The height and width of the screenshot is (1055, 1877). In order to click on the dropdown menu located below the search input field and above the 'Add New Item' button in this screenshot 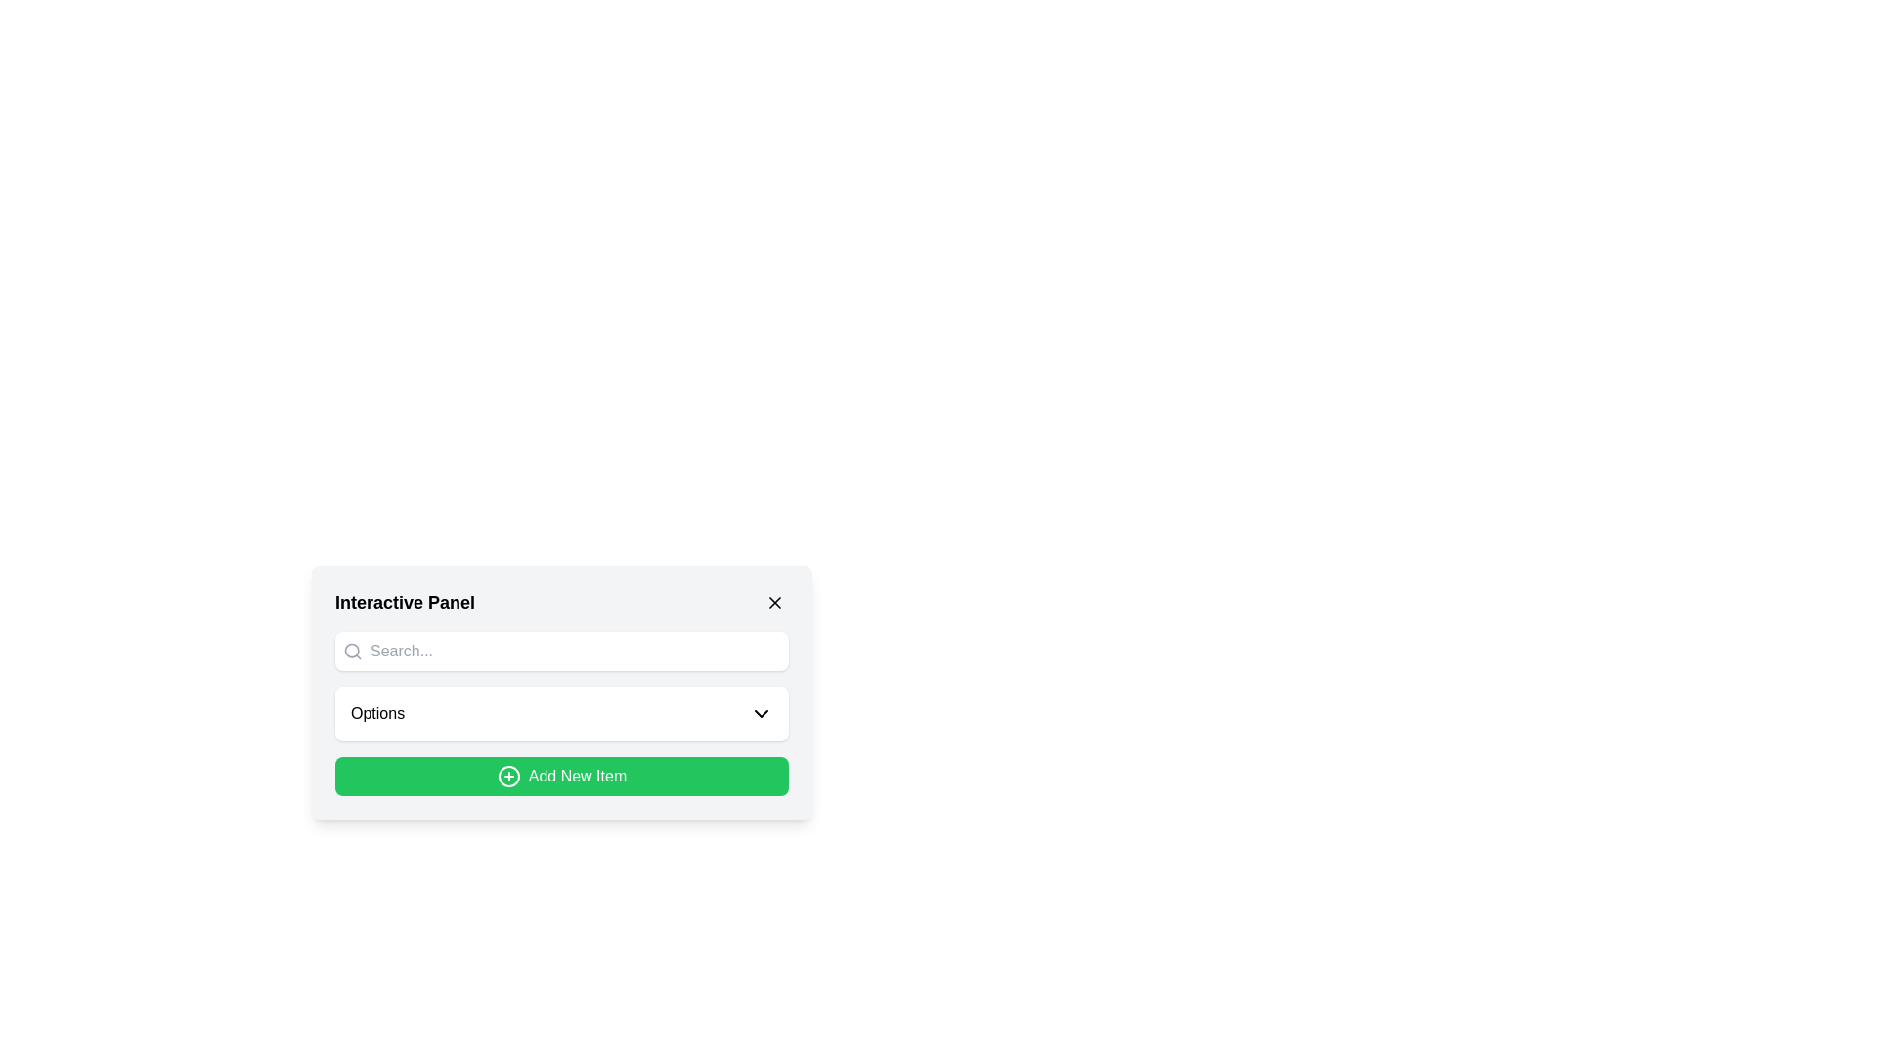, I will do `click(561, 714)`.